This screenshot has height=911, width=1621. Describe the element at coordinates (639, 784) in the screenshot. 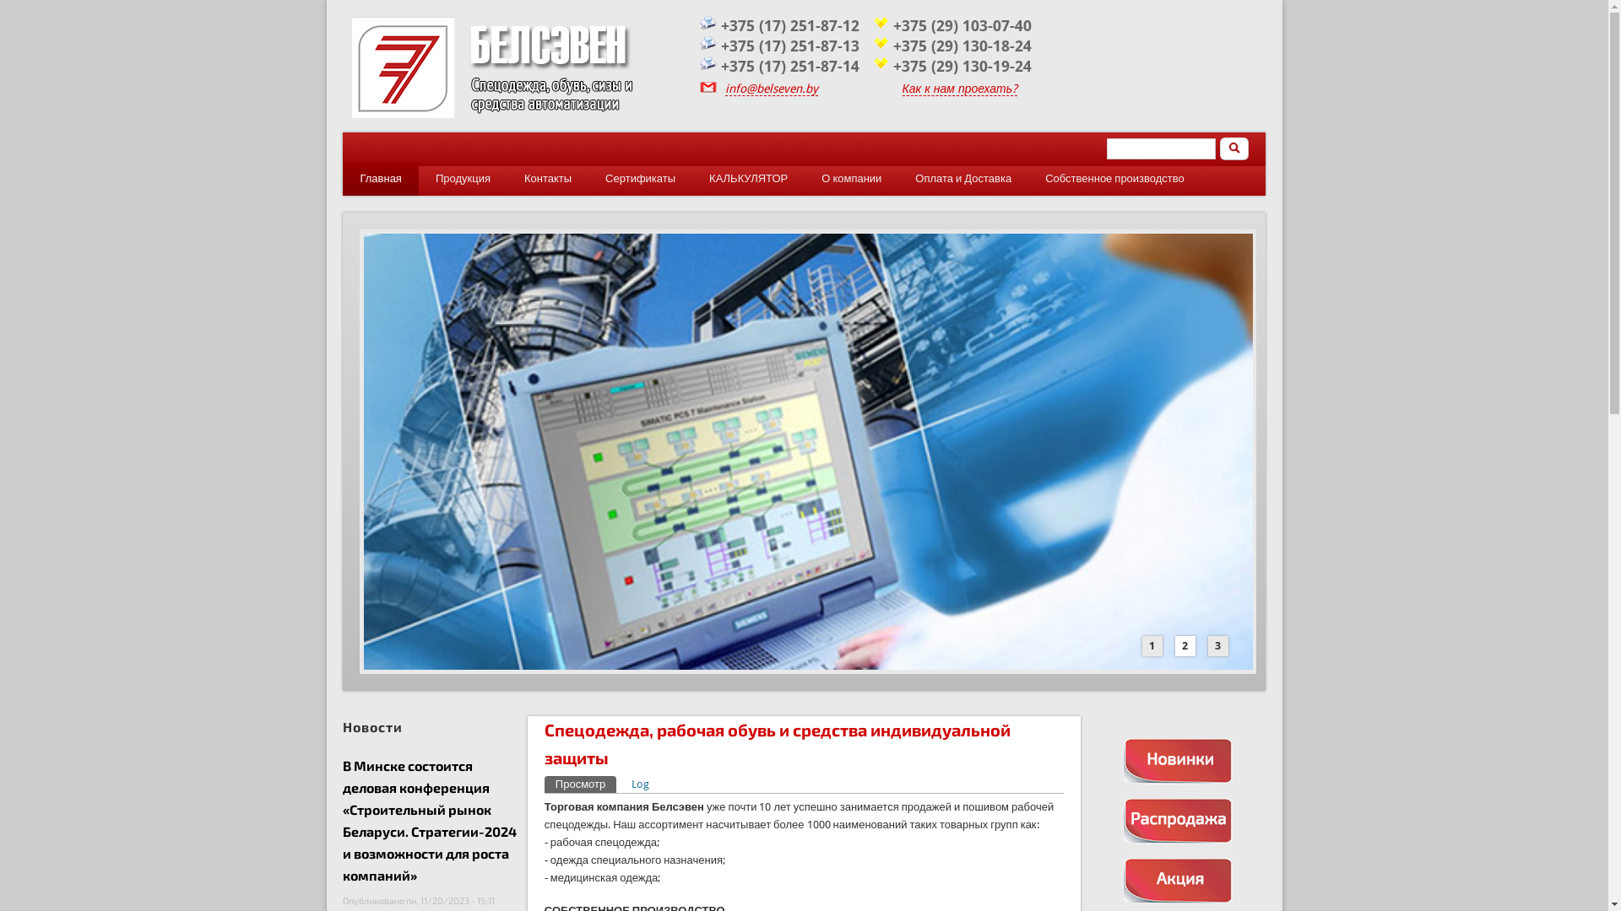

I see `'Log'` at that location.